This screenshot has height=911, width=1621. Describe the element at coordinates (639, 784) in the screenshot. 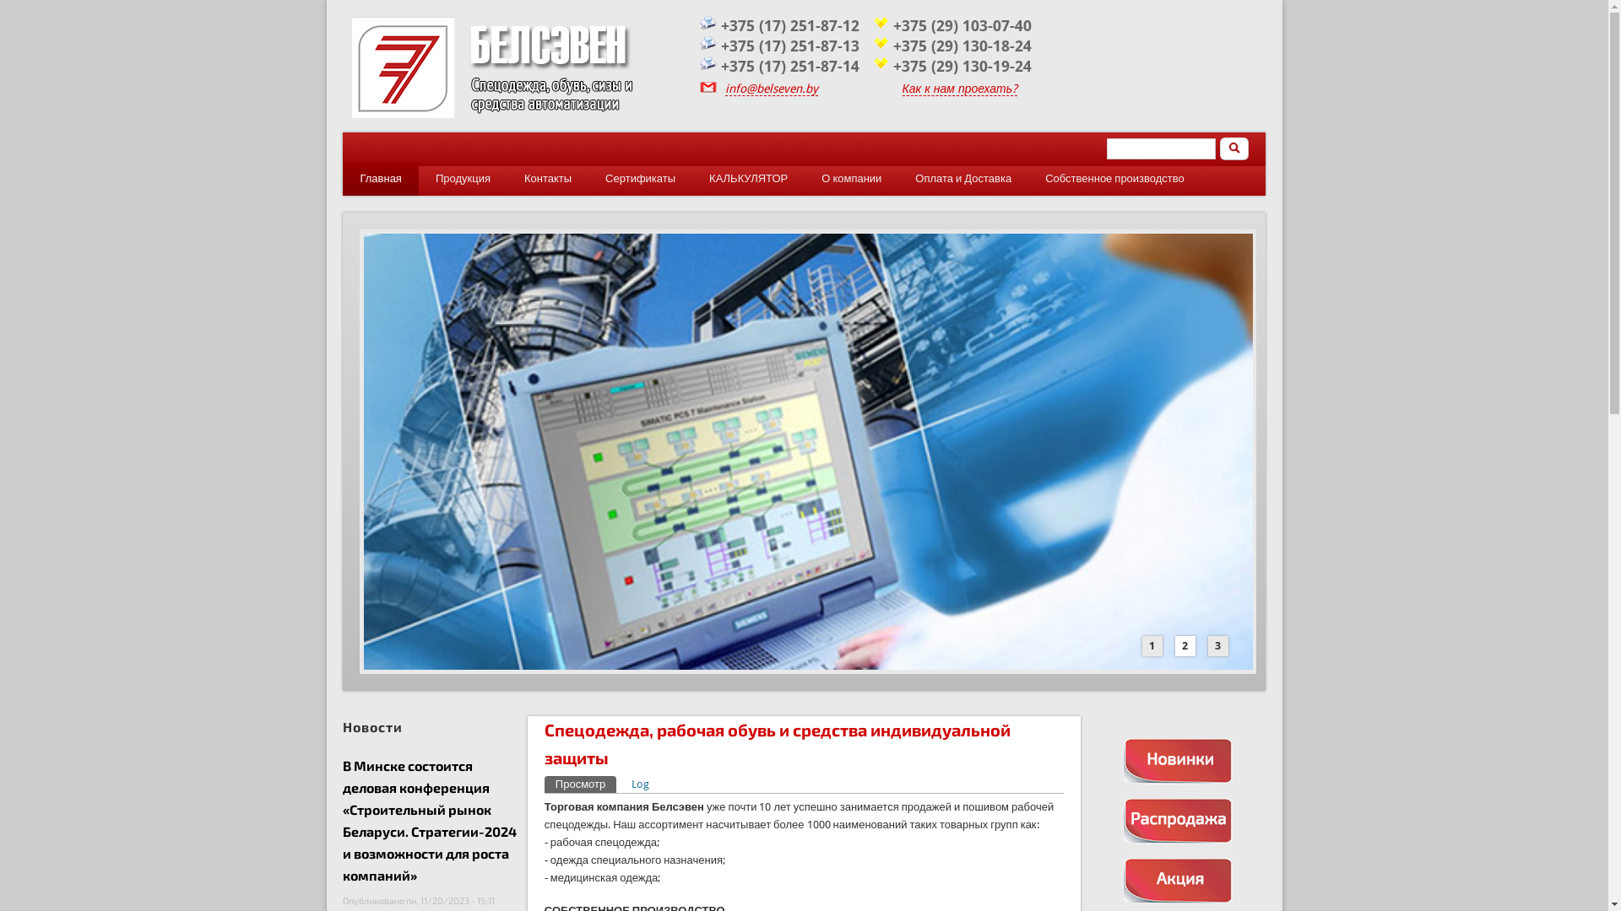

I see `'Log'` at that location.